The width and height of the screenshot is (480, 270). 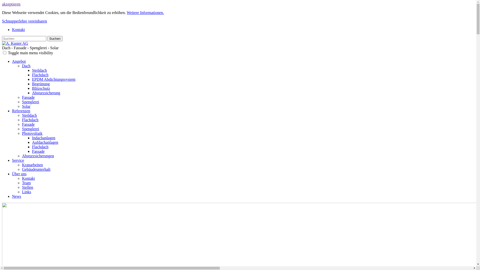 I want to click on 'Weitere Informationen.', so click(x=145, y=12).